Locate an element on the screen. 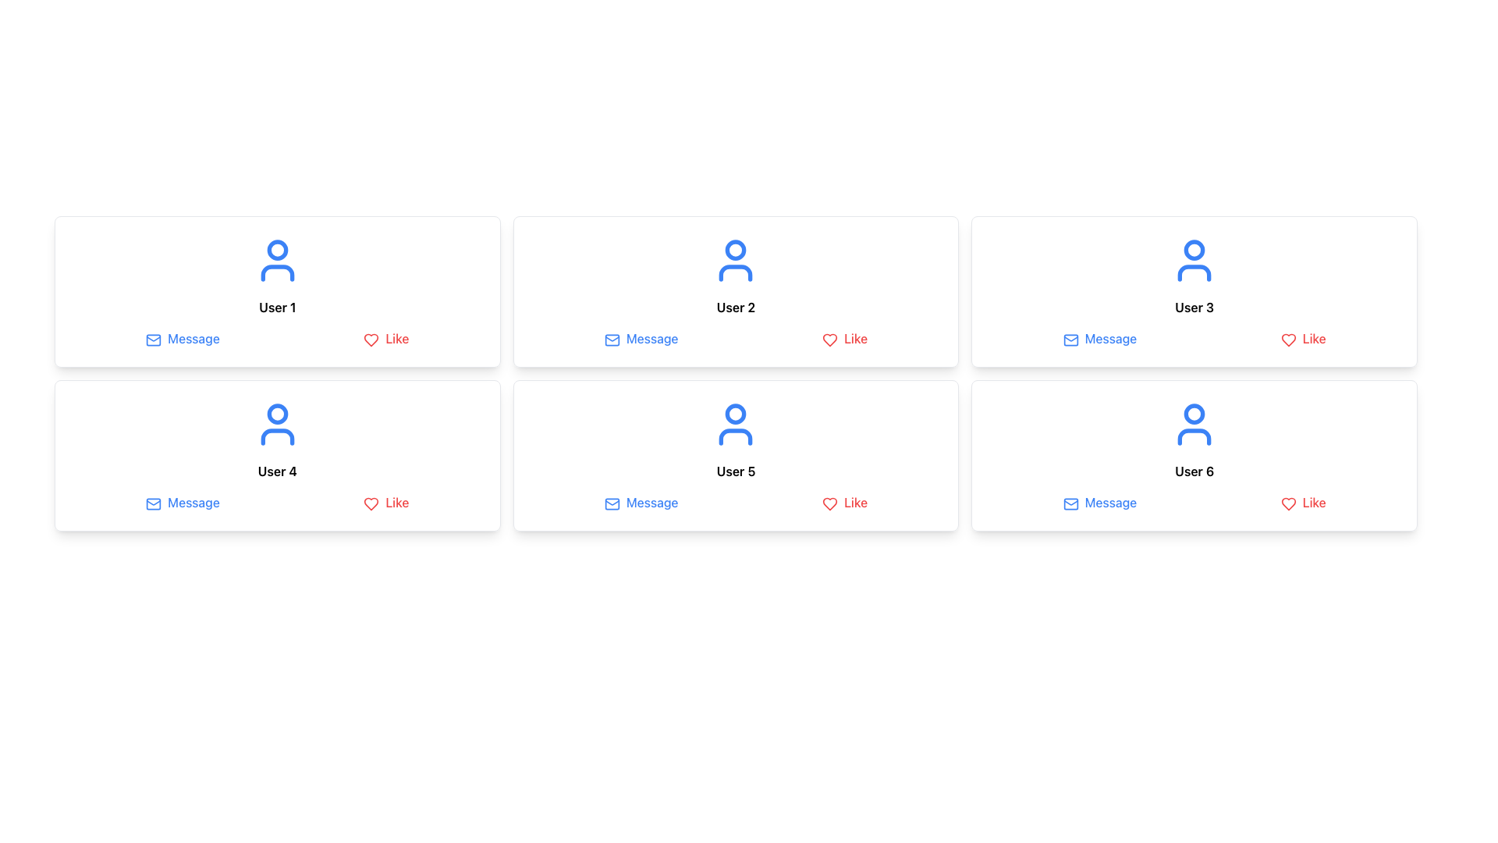 This screenshot has height=843, width=1498. the Decorative Graphic (Circle) positioned at the top-center of the user icon for 'User 1', which has a thin border and is aligned over the user's head is located at coordinates (277, 249).